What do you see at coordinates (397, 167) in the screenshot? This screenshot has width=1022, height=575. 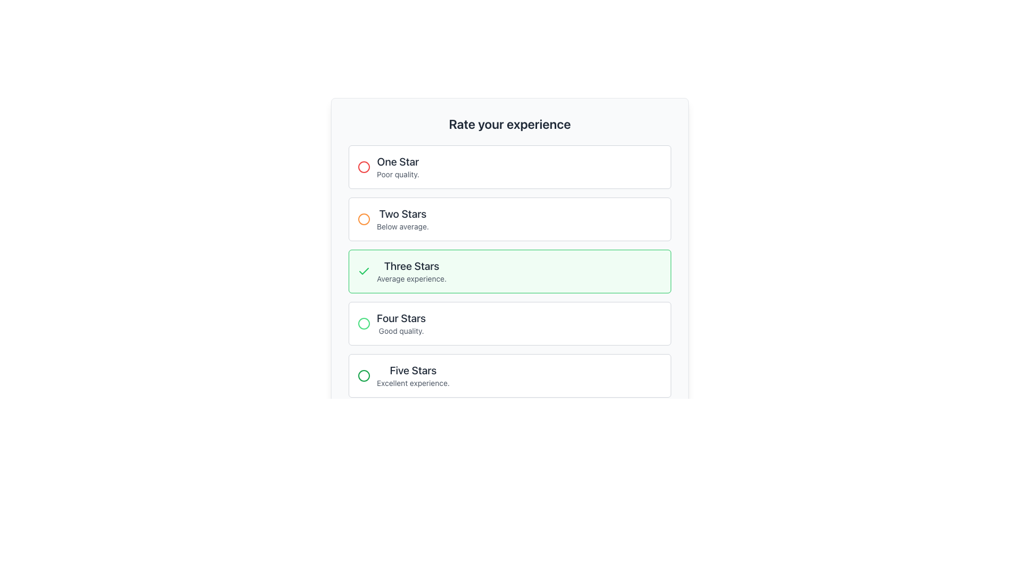 I see `the 'One Star' text block that describes it as 'Poor quality' to trigger the tooltip or interaction` at bounding box center [397, 167].